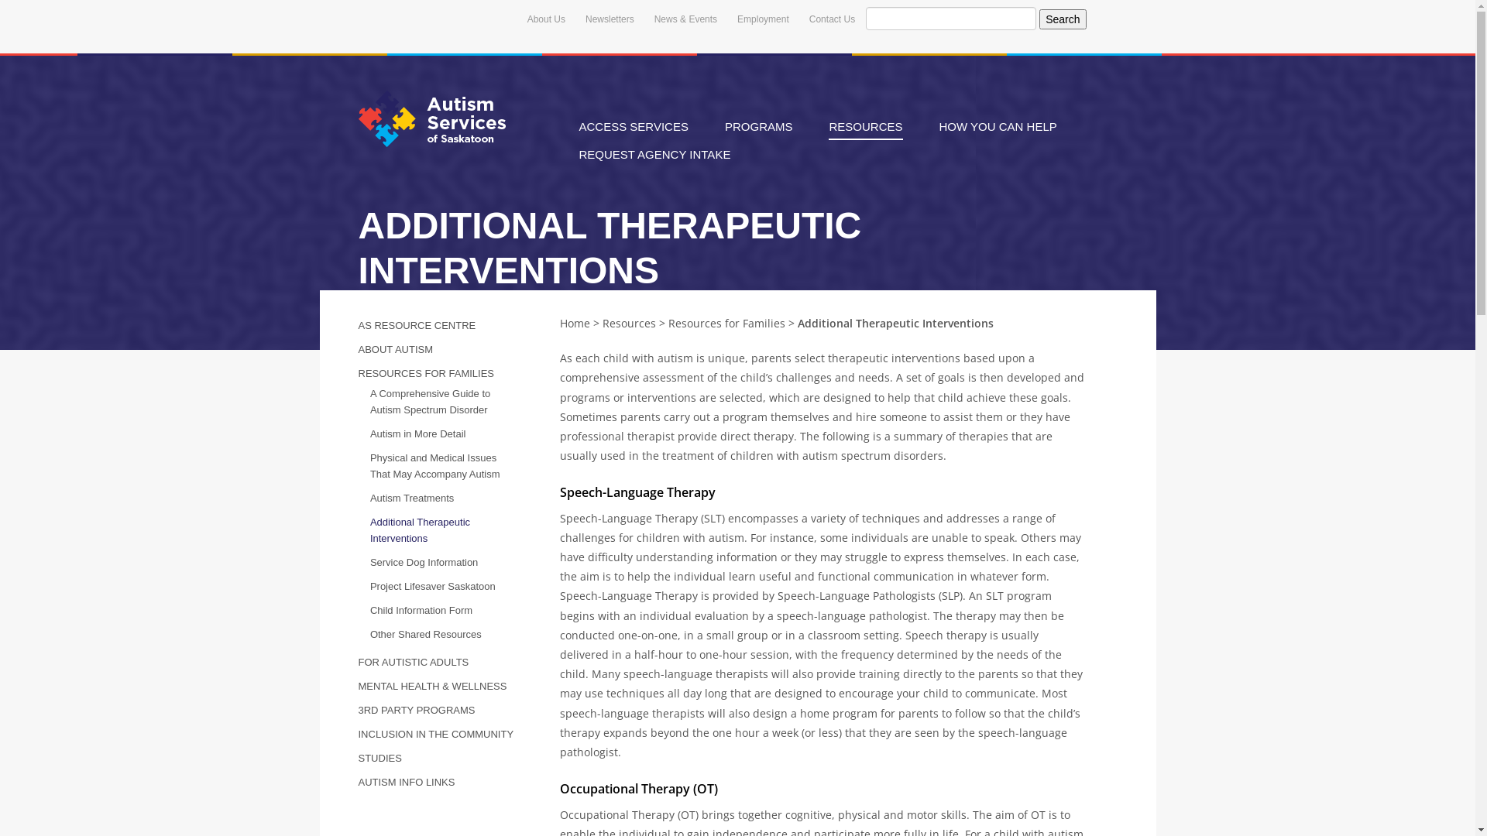  Describe the element at coordinates (413, 662) in the screenshot. I see `'FOR AUTISTIC ADULTS'` at that location.